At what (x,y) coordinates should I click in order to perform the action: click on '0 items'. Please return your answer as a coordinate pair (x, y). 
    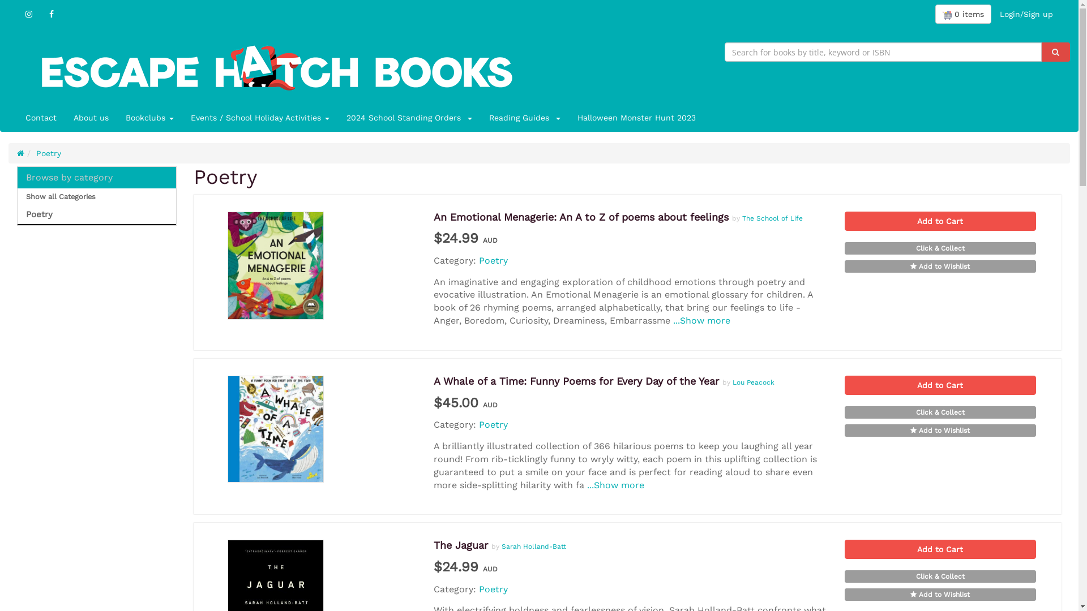
    Looking at the image, I should click on (962, 14).